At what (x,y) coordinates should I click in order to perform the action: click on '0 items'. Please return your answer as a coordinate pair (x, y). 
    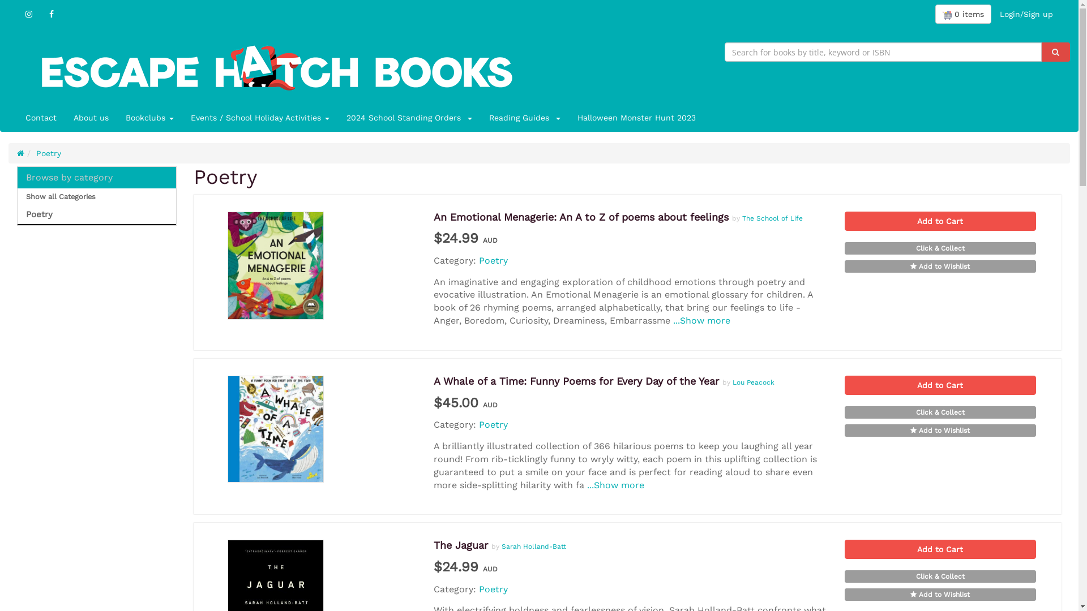
    Looking at the image, I should click on (962, 14).